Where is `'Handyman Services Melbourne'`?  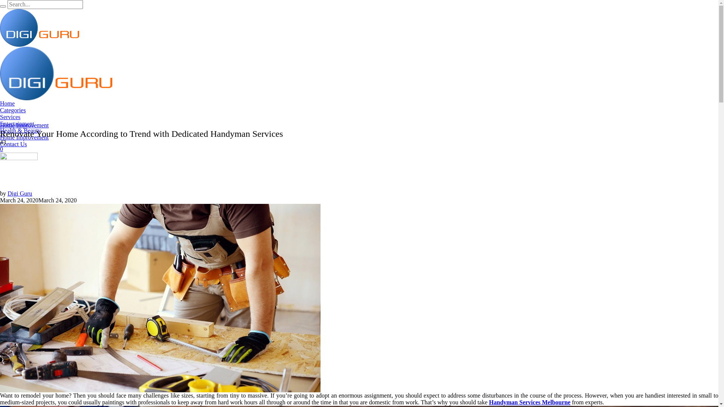 'Handyman Services Melbourne' is located at coordinates (529, 402).